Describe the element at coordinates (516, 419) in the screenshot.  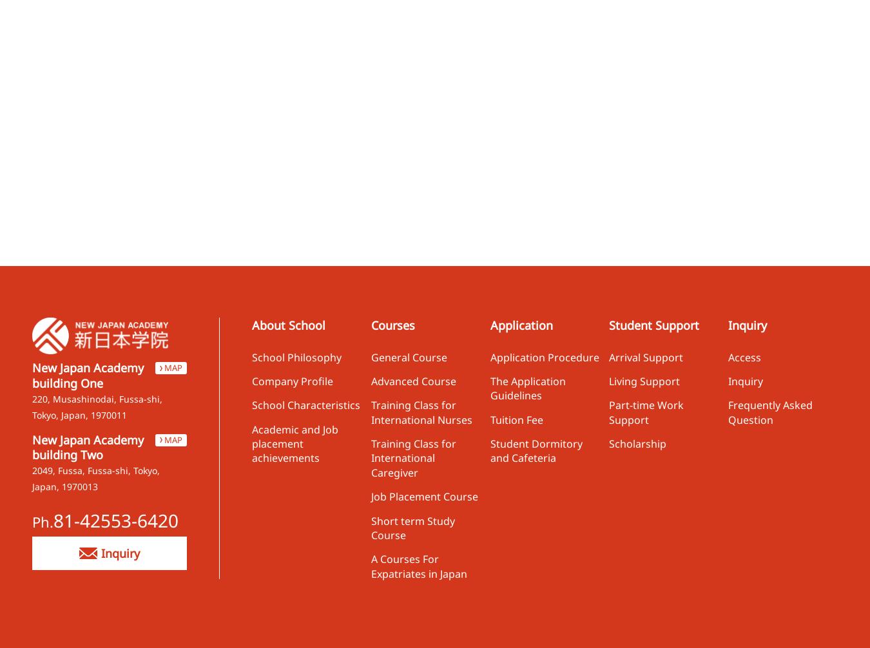
I see `'Tuition Fee'` at that location.